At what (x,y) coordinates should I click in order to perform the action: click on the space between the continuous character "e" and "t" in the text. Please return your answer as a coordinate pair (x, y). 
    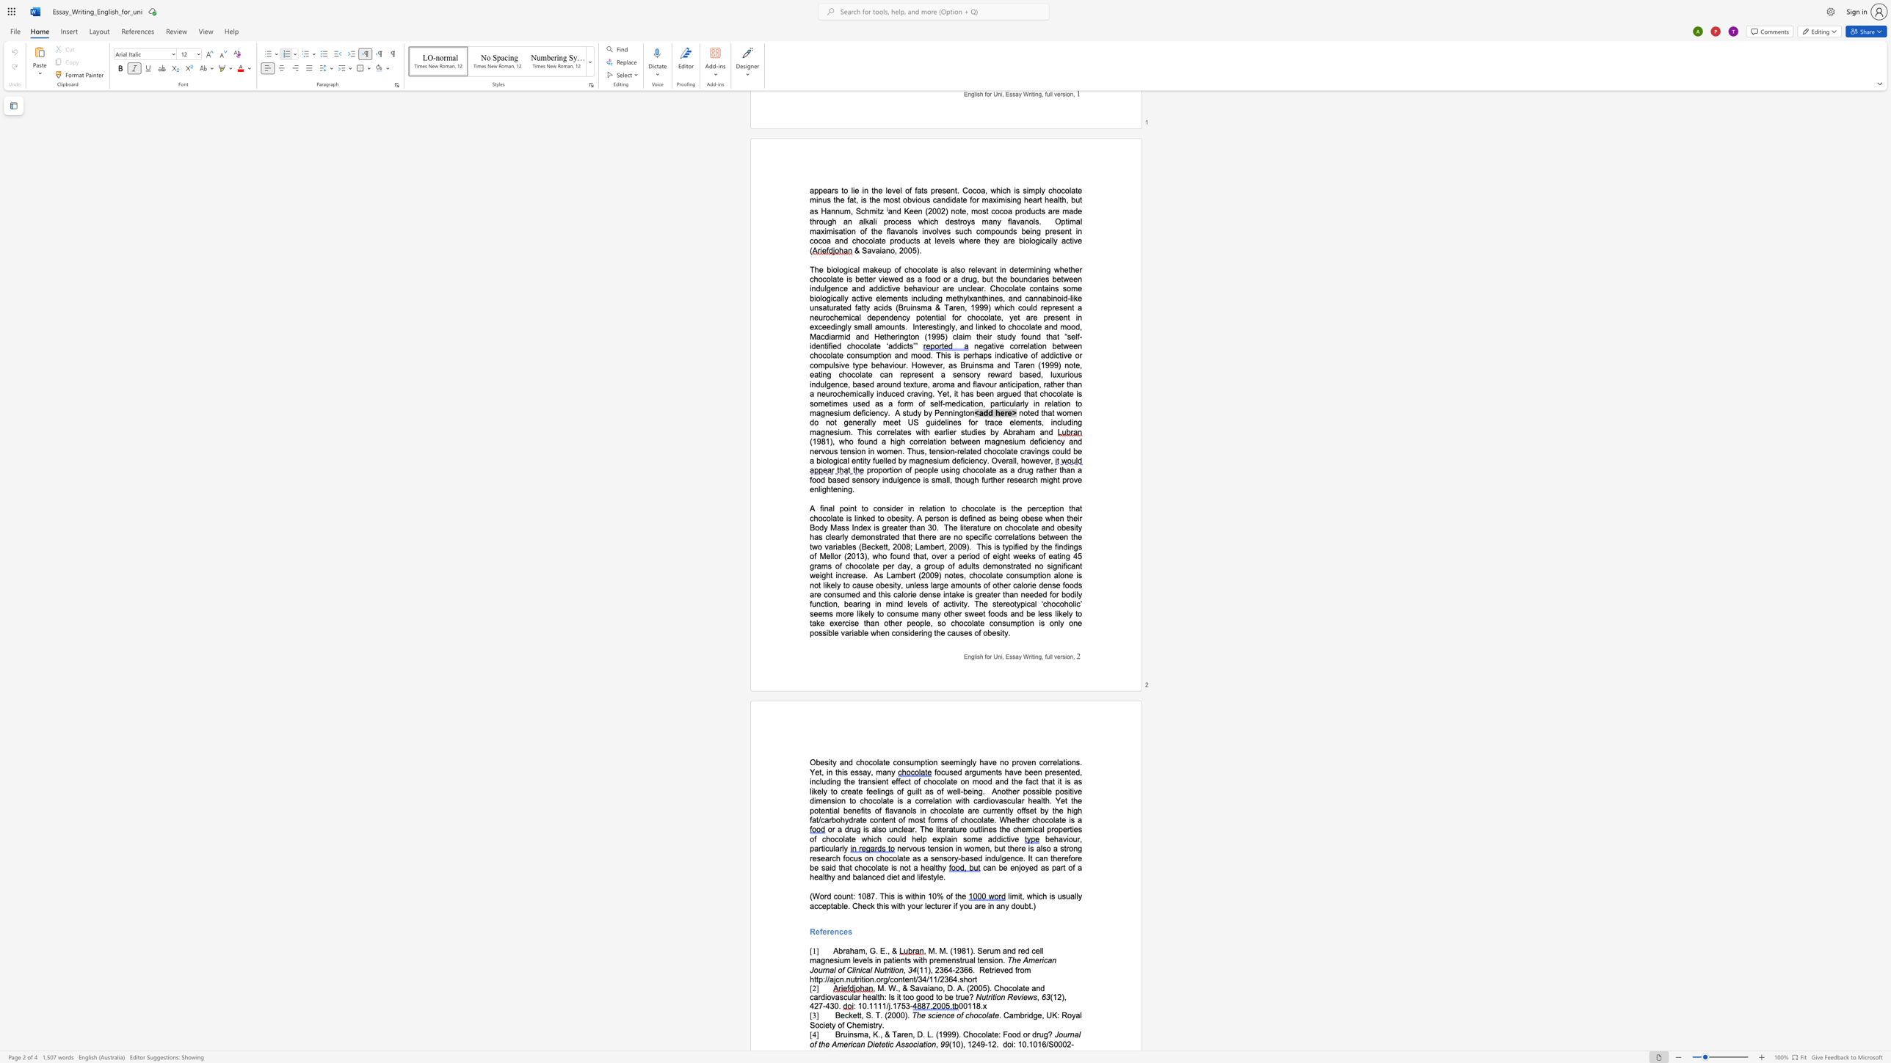
    Looking at the image, I should click on (855, 1015).